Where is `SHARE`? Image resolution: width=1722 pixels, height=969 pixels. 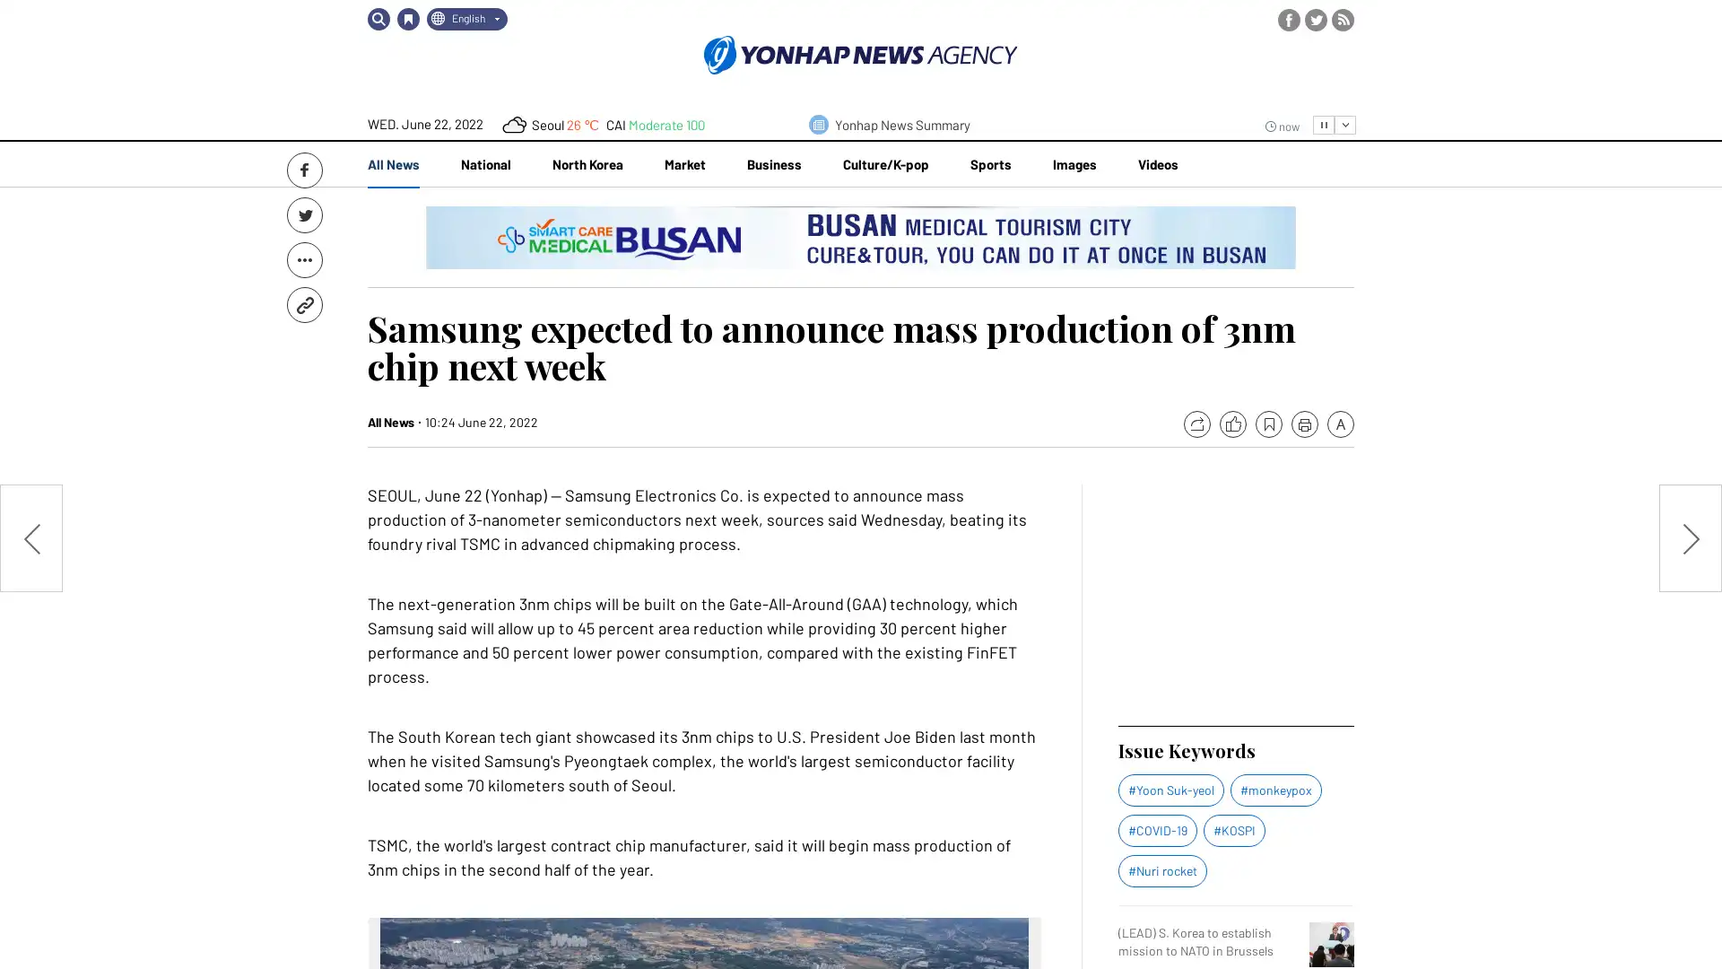 SHARE is located at coordinates (1196, 424).